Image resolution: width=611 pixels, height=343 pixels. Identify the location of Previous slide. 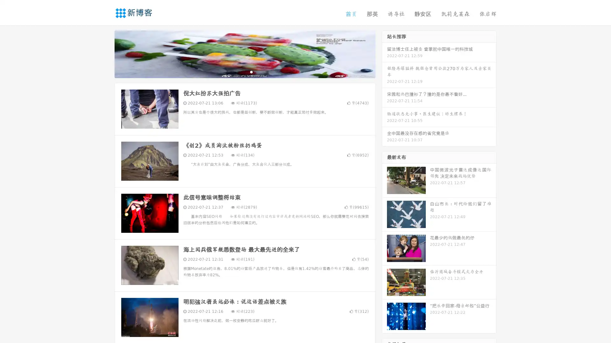
(105, 53).